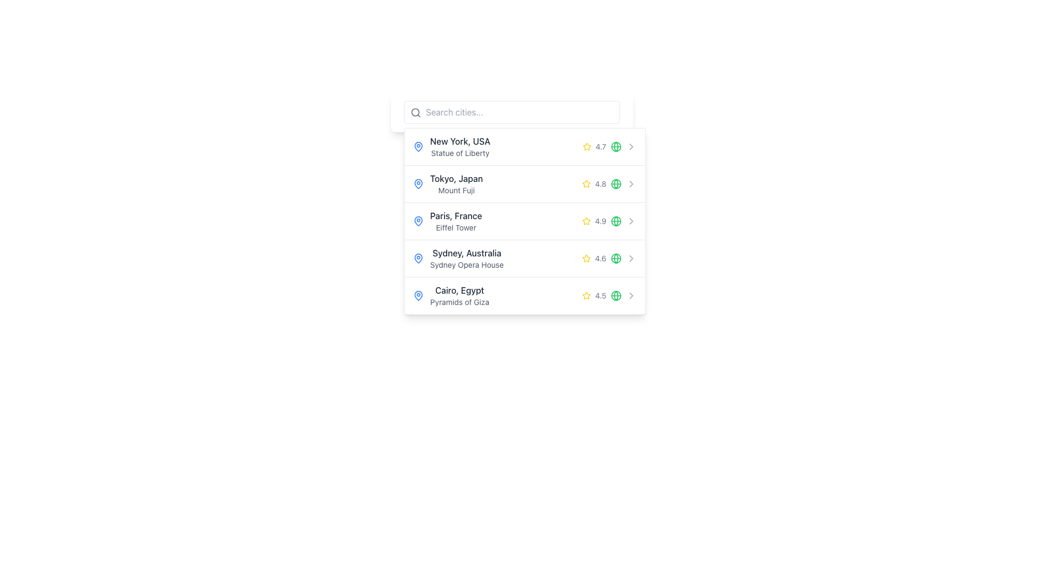 This screenshot has width=1037, height=583. Describe the element at coordinates (585, 220) in the screenshot. I see `the yellow star-shaped icon indicating a rating of '4.9' next to 'Paris, France'` at that location.